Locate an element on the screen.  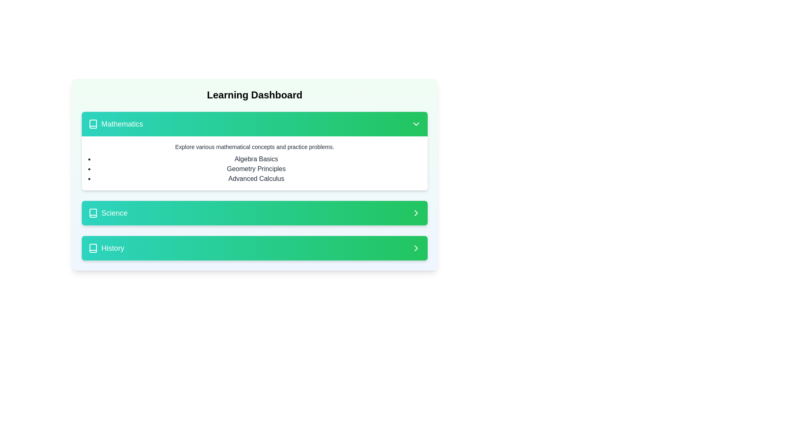
the downward-facing chevron icon on the right side of the 'Mathematics' section header is located at coordinates (416, 124).